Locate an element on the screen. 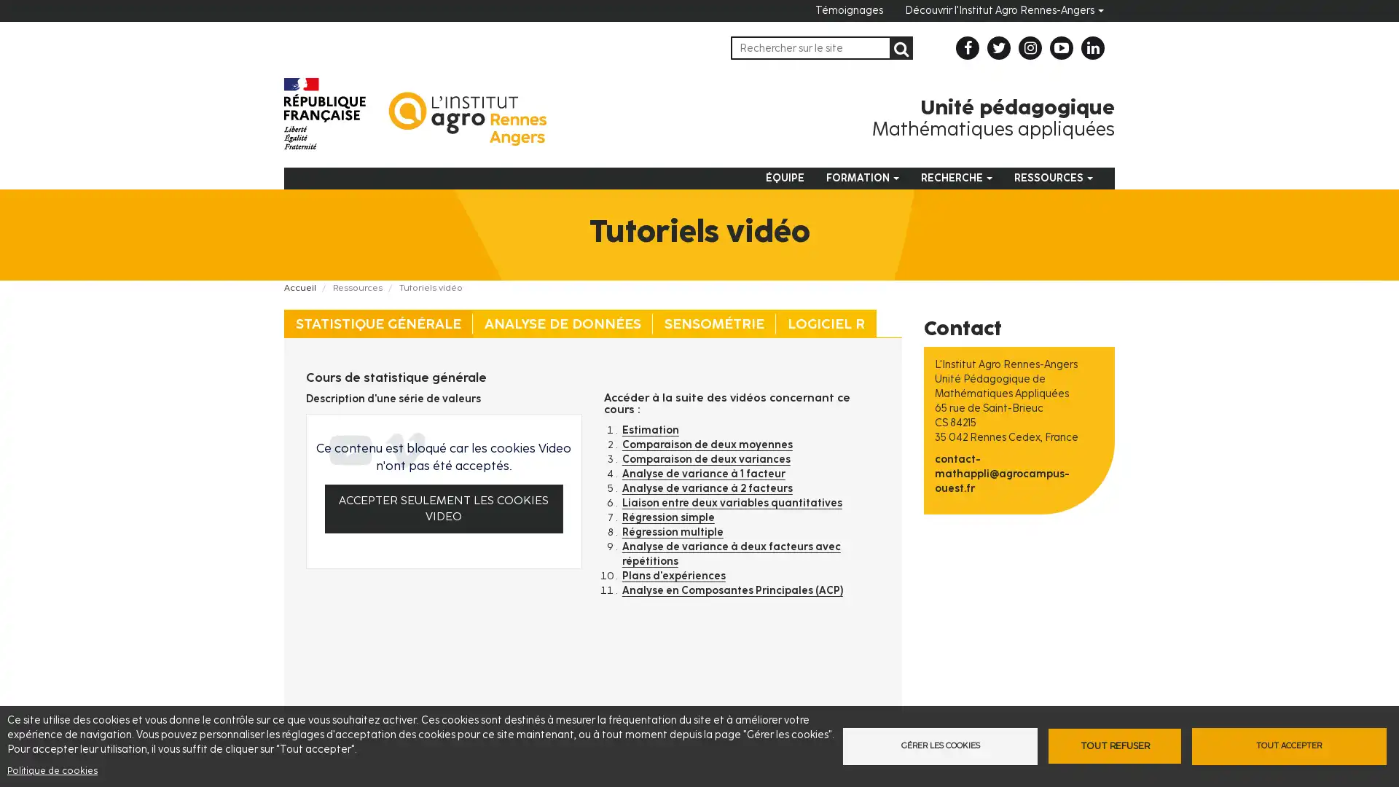  TOUT REFUSER is located at coordinates (1113, 745).